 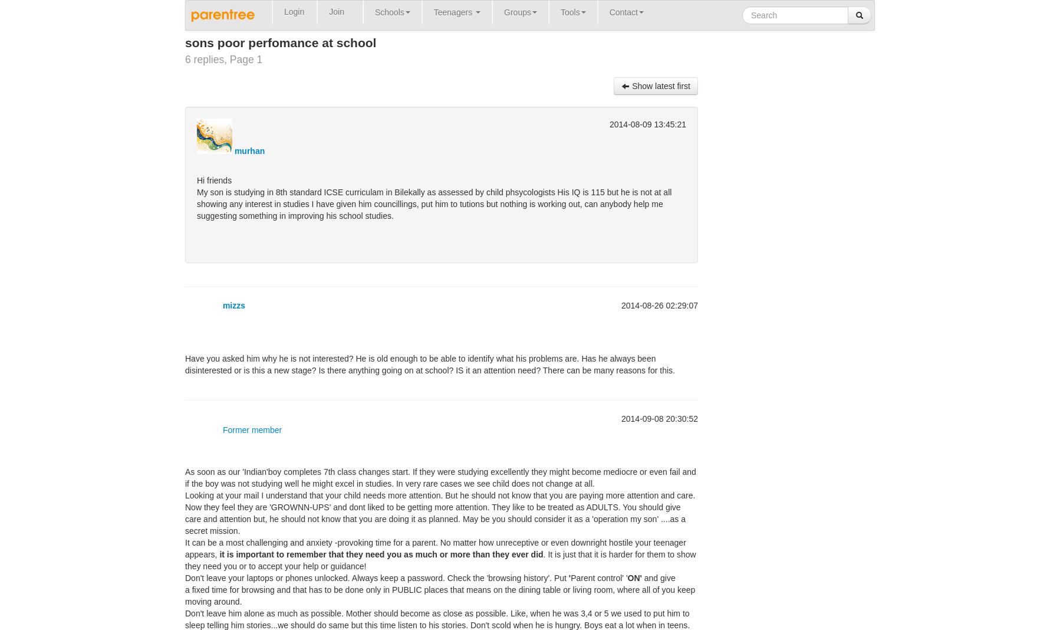 What do you see at coordinates (630, 86) in the screenshot?
I see `'Show latest first'` at bounding box center [630, 86].